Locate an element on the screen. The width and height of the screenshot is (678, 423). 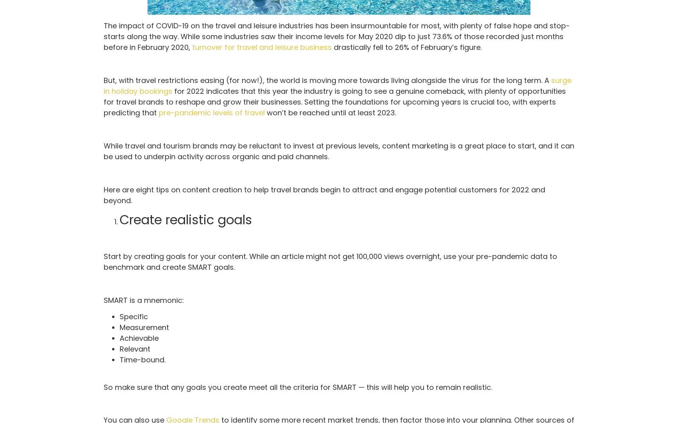
'The impact of COVID-19 on the travel and leisure industries has been insurmountable for most, with plenty of false hope and stop-starts along the way. While some industries saw their income levels for May 2020 dip to just 73.6% of those recorded just months before in February 2020,' is located at coordinates (336, 36).